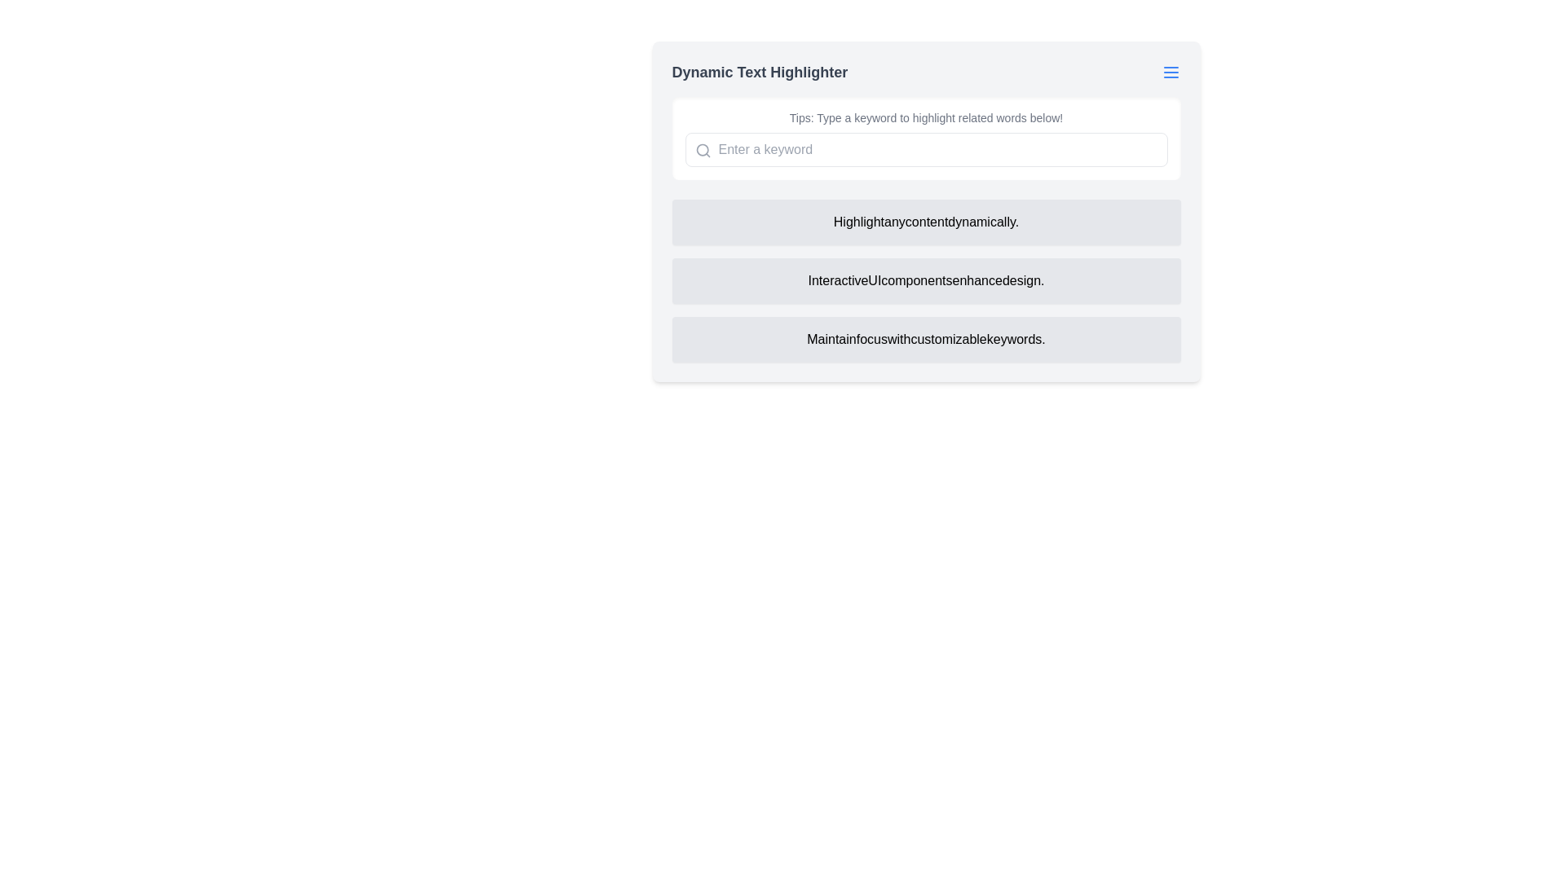  Describe the element at coordinates (871, 338) in the screenshot. I see `the static text element containing the word 'focus' styled in black on a white background, which is the second word in the phrase 'Maintain focus with customizable keywords.' located in the third gray callout box` at that location.